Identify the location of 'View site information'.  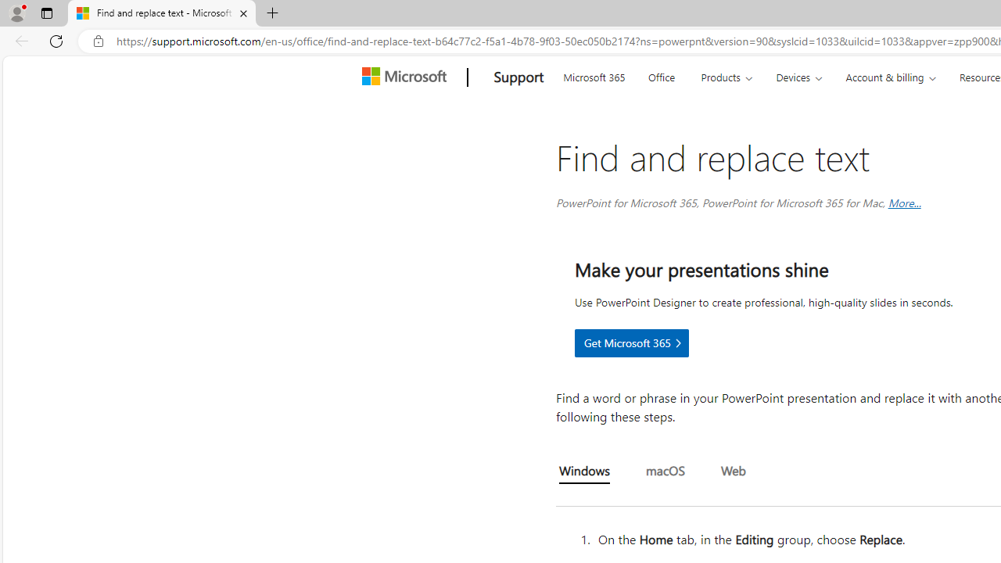
(98, 41).